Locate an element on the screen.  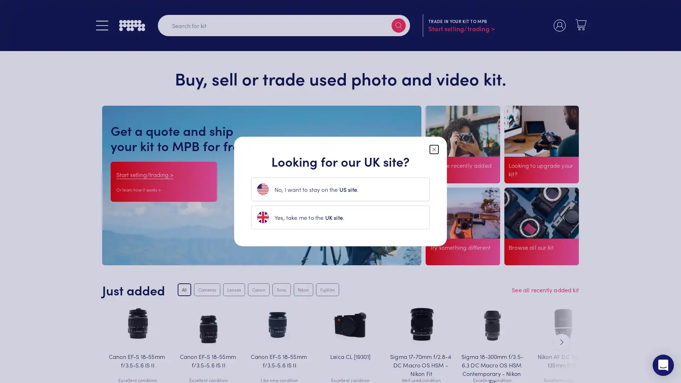
Next is located at coordinates (561, 342).